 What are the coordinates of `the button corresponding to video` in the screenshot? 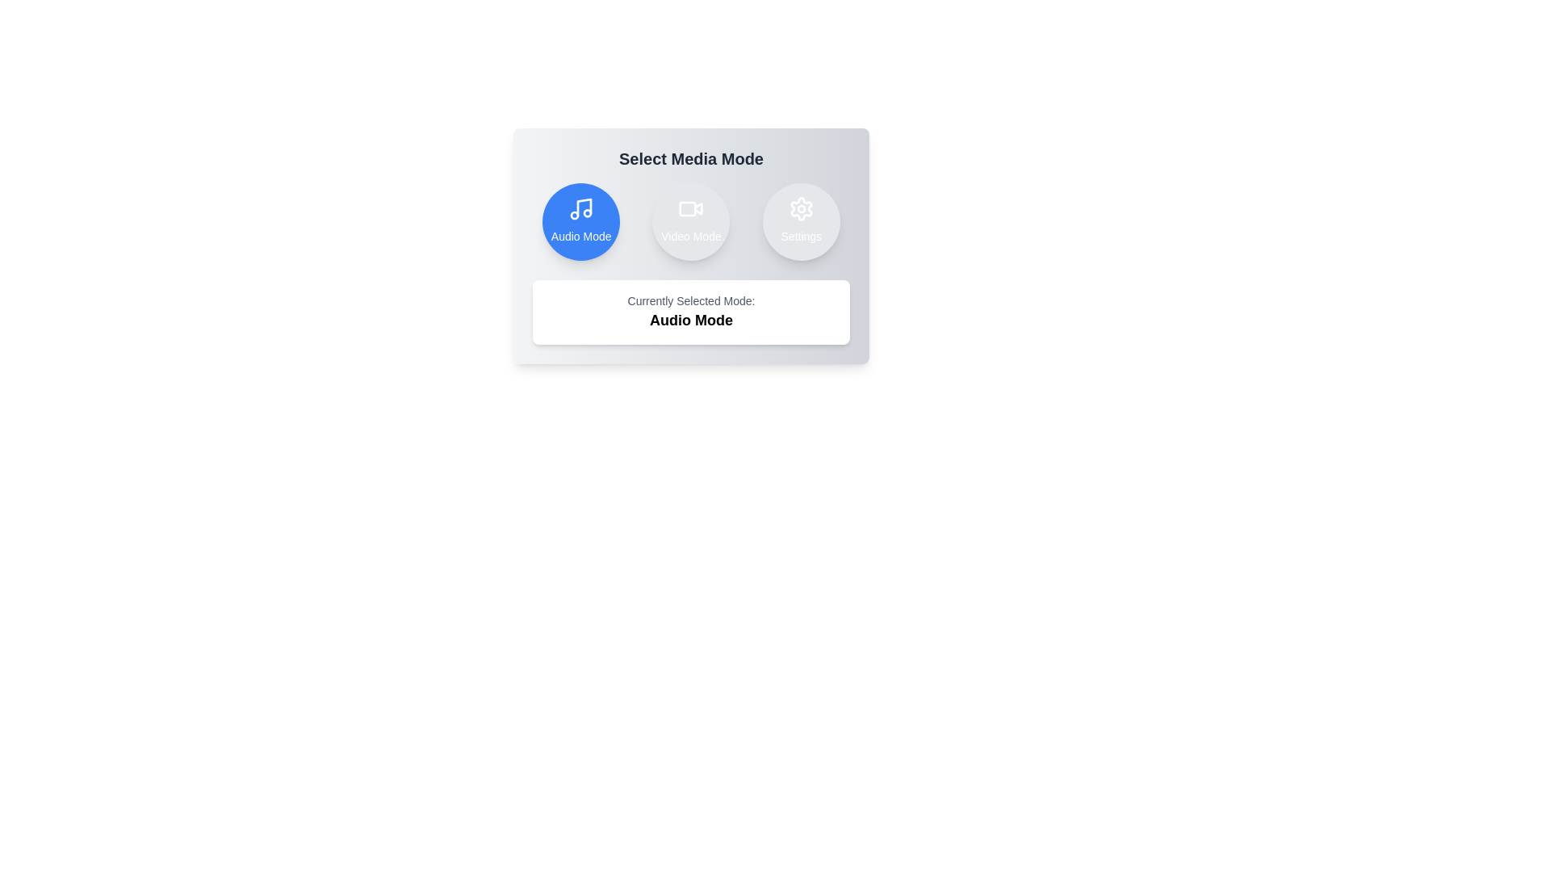 It's located at (691, 221).